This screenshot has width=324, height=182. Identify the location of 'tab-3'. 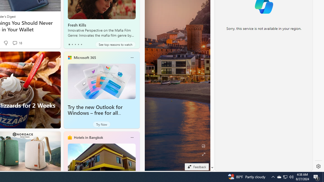
(78, 44).